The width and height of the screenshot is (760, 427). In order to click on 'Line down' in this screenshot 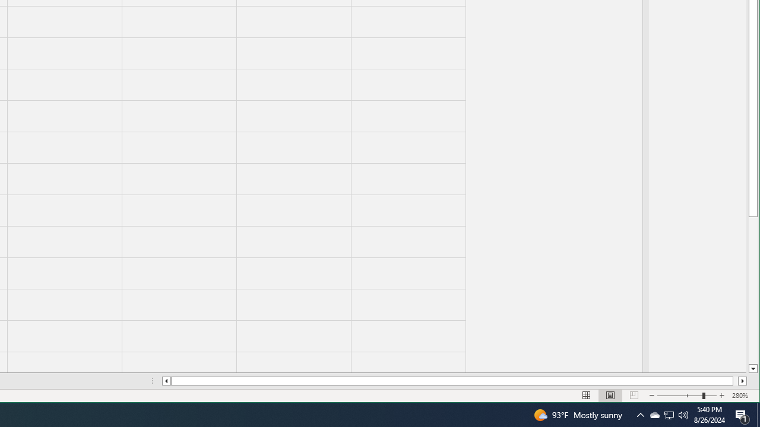, I will do `click(752, 368)`.